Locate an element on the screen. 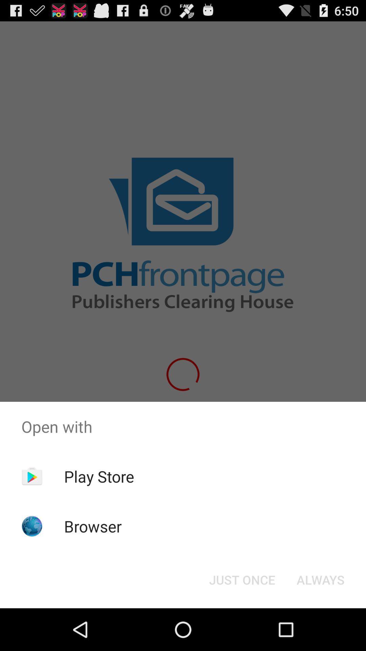 Image resolution: width=366 pixels, height=651 pixels. just once icon is located at coordinates (242, 579).